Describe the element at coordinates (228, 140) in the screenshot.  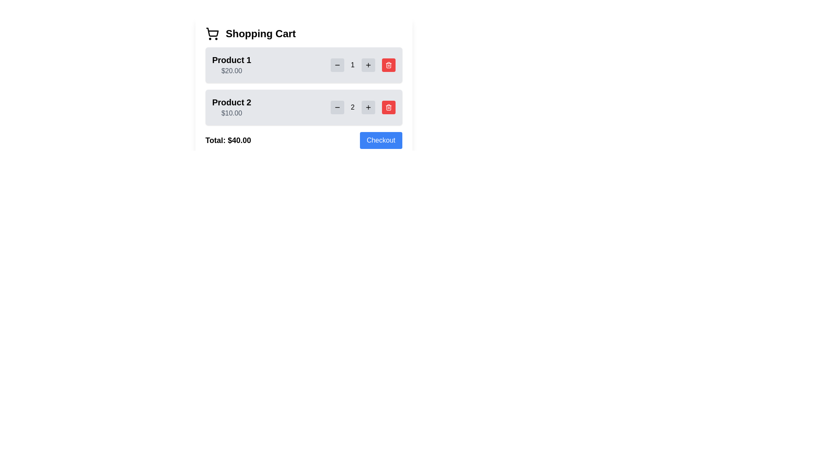
I see `the displayed total amount in the shopping cart, which is a bold text label reading 'Total: $40.00', located on the left side near the bottom of the cart summary section` at that location.